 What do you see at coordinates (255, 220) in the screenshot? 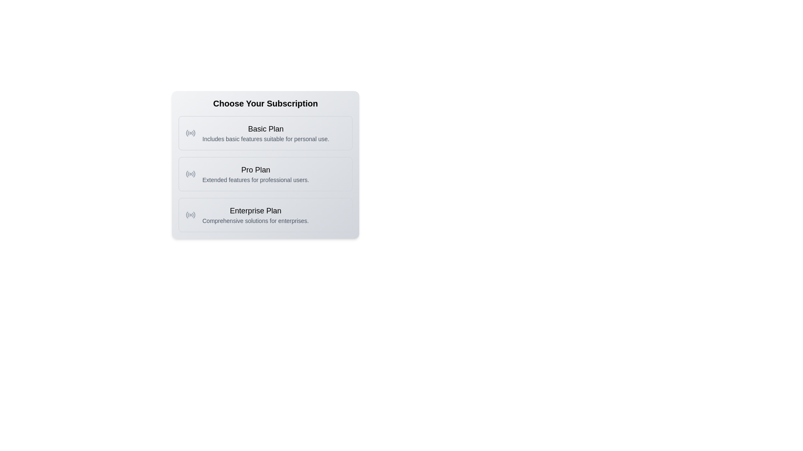
I see `descriptive subtitle text located directly below the 'Enterprise Plan' header in the bottom row of subscription plans` at bounding box center [255, 220].